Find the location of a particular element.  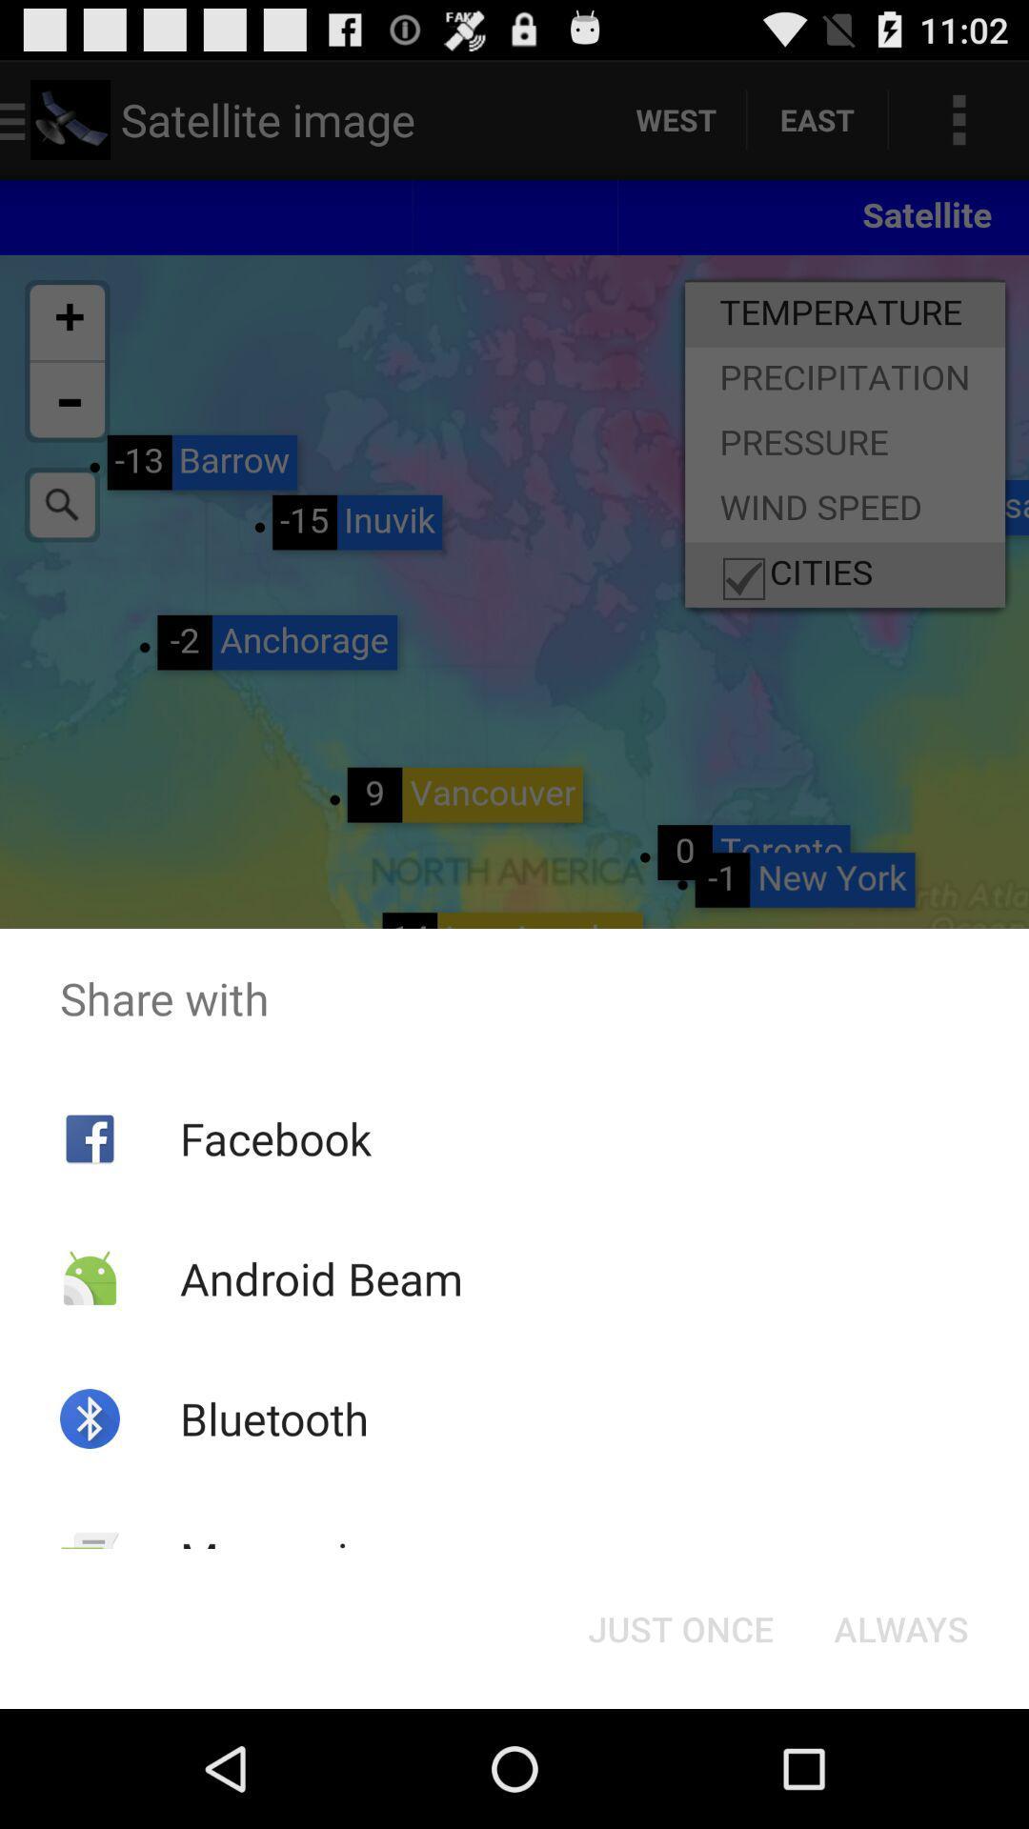

the just once item is located at coordinates (679, 1627).